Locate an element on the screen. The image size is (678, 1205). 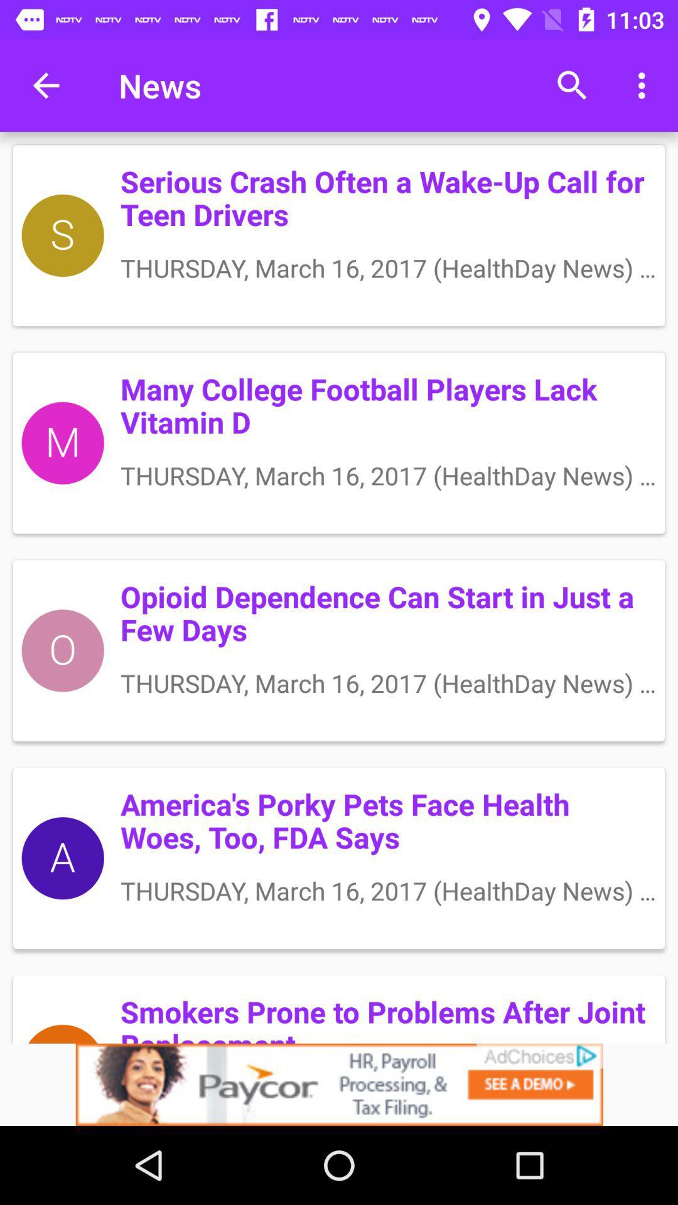
the second blog is located at coordinates (339, 443).